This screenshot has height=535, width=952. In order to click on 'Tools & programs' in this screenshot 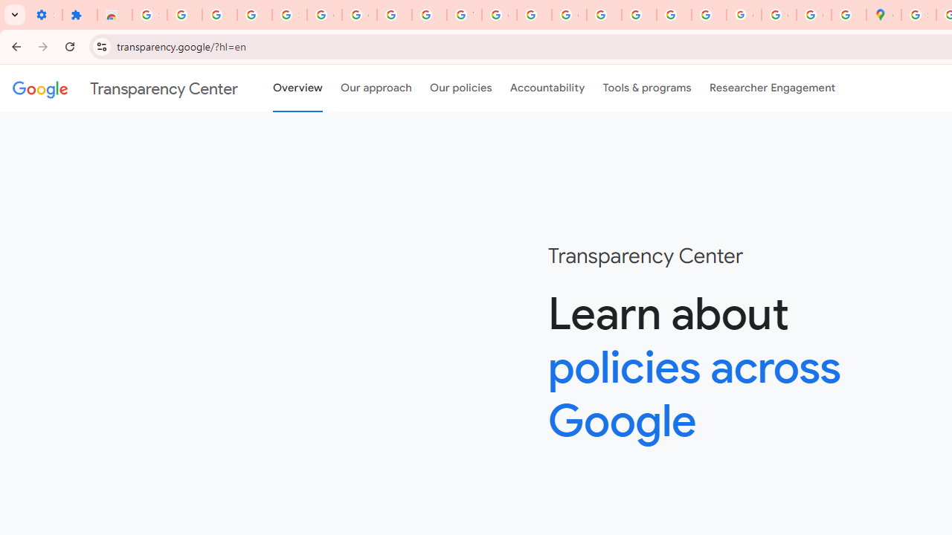, I will do `click(646, 88)`.